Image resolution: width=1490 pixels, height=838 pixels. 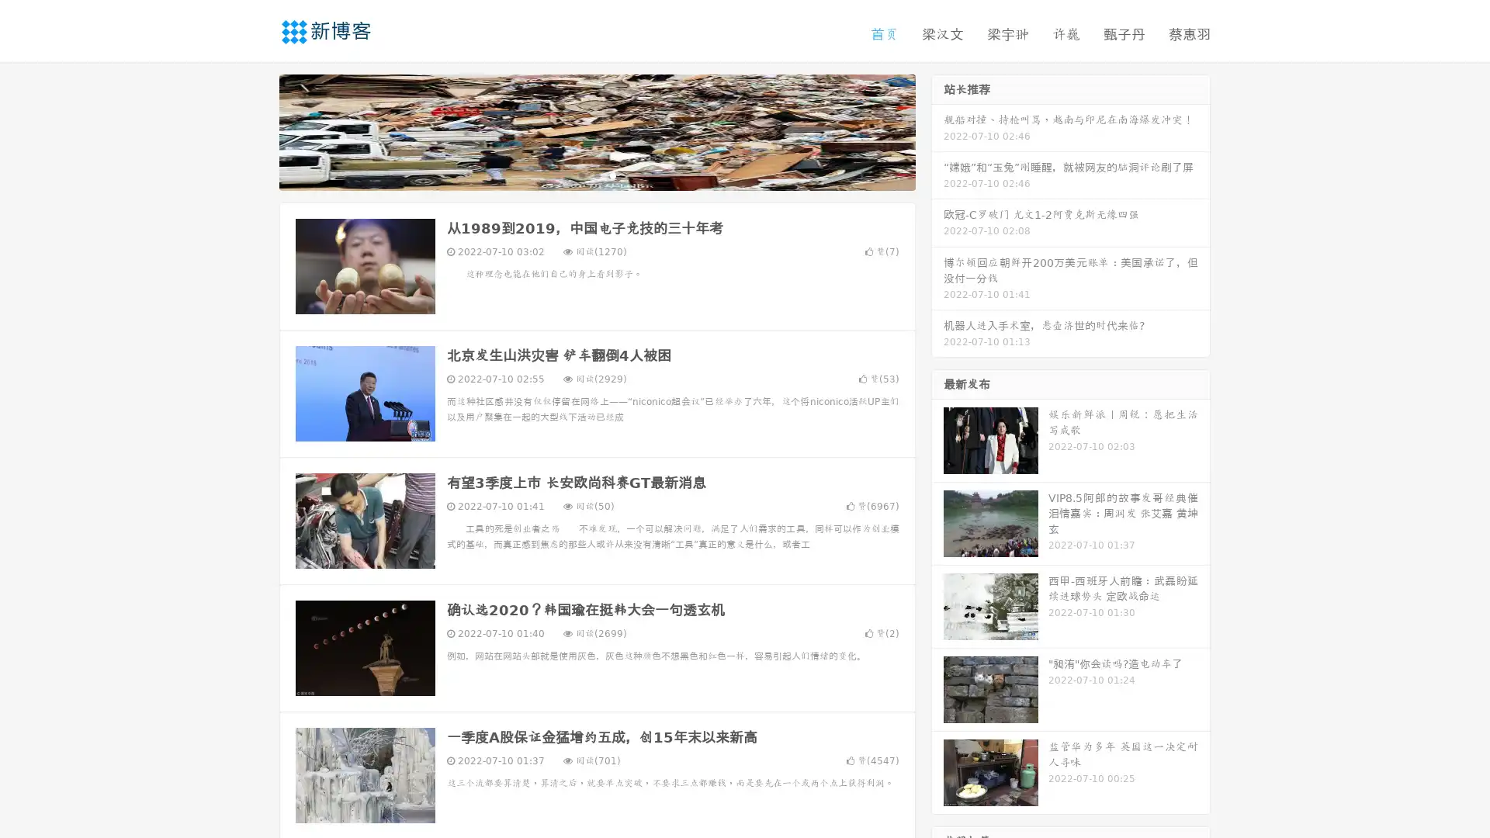 I want to click on Previous slide, so click(x=256, y=130).